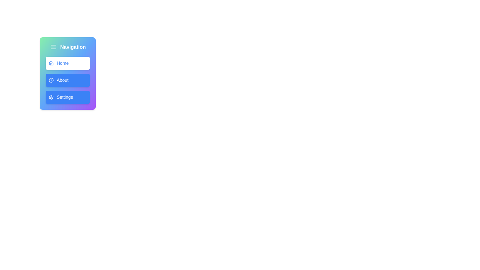 The image size is (480, 270). Describe the element at coordinates (73, 47) in the screenshot. I see `the Text label that serves as a header for the navigation section, located in the top portion of a vertical sidebar layout next to a horizontal menu icon` at that location.